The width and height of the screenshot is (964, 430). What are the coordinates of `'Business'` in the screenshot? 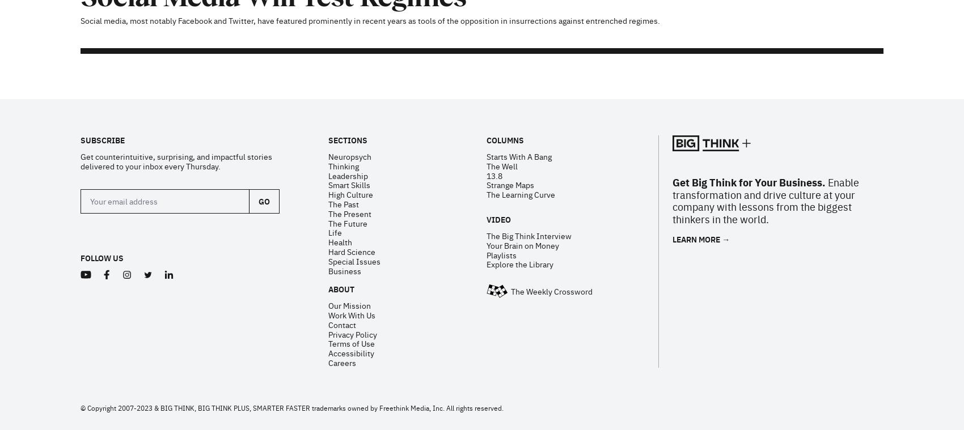 It's located at (327, 123).